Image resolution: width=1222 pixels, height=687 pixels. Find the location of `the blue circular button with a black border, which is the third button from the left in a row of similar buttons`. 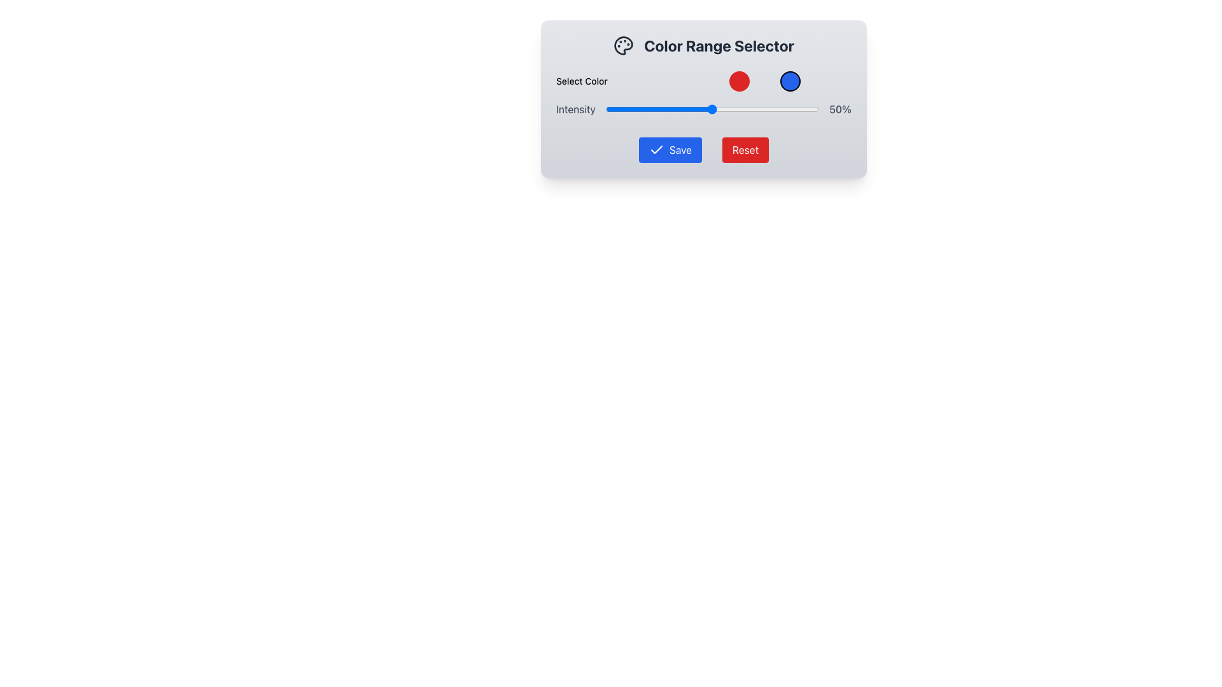

the blue circular button with a black border, which is the third button from the left in a row of similar buttons is located at coordinates (790, 81).